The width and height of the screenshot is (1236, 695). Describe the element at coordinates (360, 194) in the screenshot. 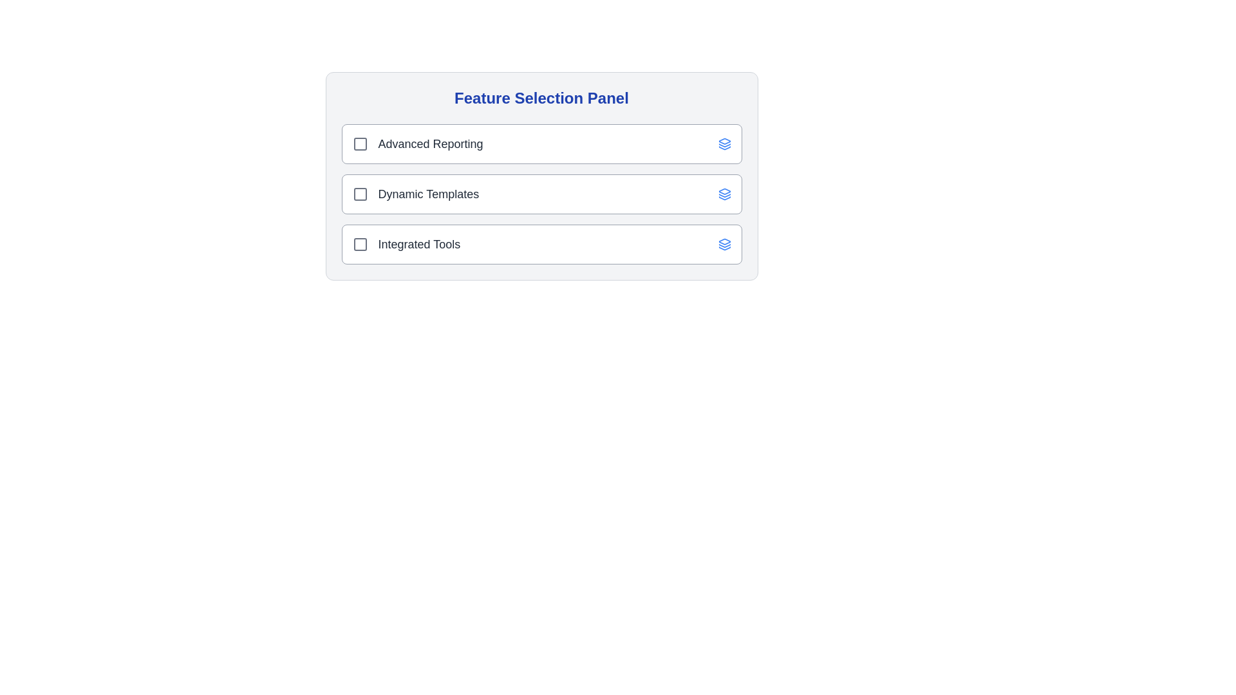

I see `to select the checkbox located to the left of the label 'Dynamic Templates' in the feature selection panel` at that location.